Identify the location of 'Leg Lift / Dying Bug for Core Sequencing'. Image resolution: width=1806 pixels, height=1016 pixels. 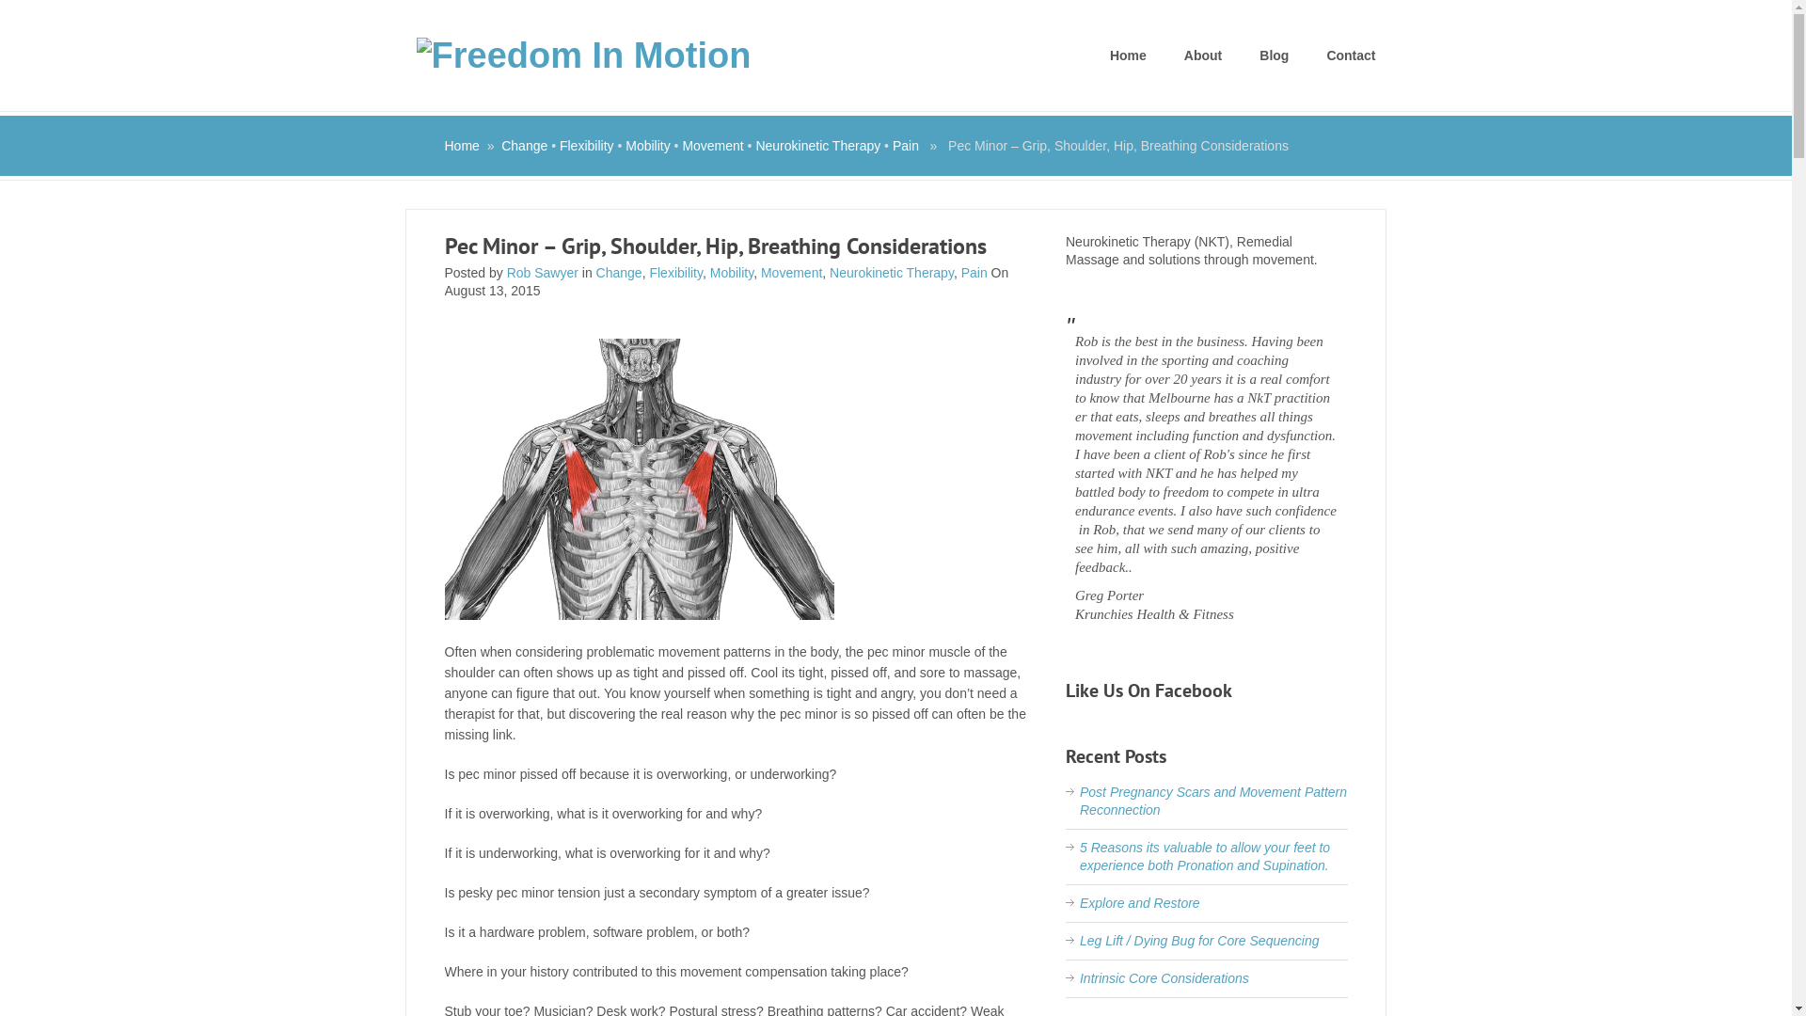
(1198, 940).